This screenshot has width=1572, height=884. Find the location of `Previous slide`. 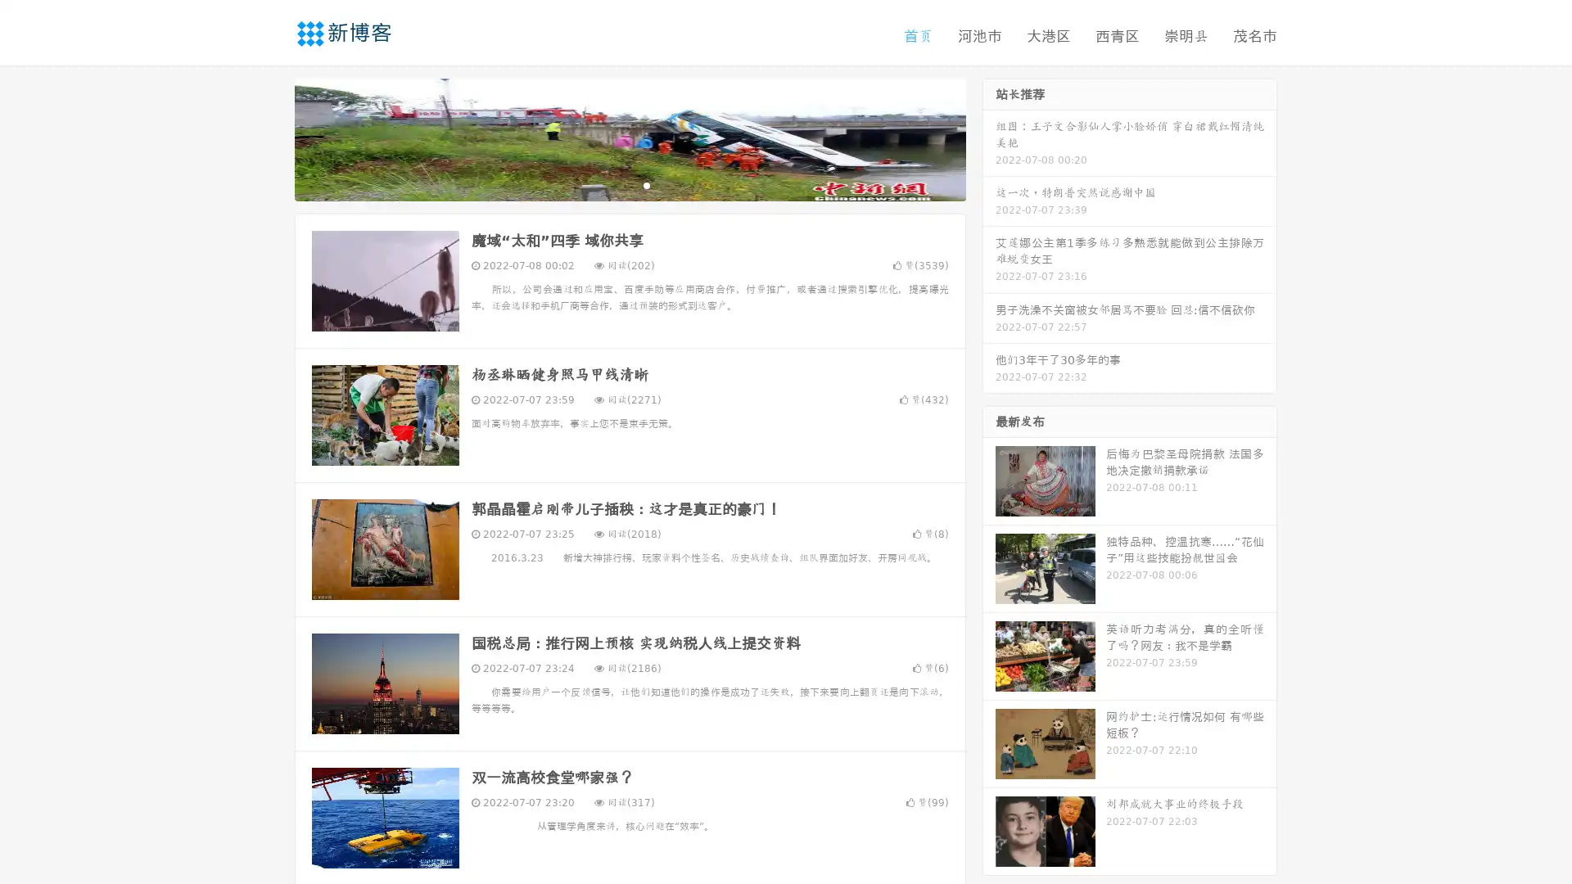

Previous slide is located at coordinates (270, 138).